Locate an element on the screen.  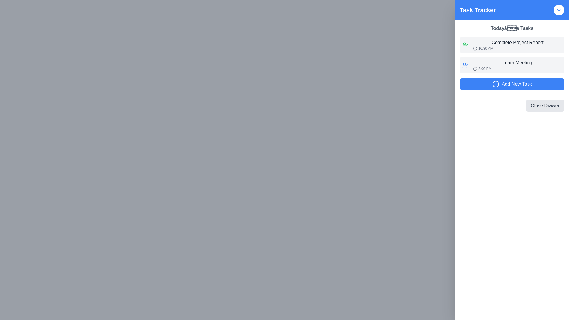
the dropdown trigger button located in the top-right corner of the header area, next to the 'Task Tracker' label is located at coordinates (559, 10).